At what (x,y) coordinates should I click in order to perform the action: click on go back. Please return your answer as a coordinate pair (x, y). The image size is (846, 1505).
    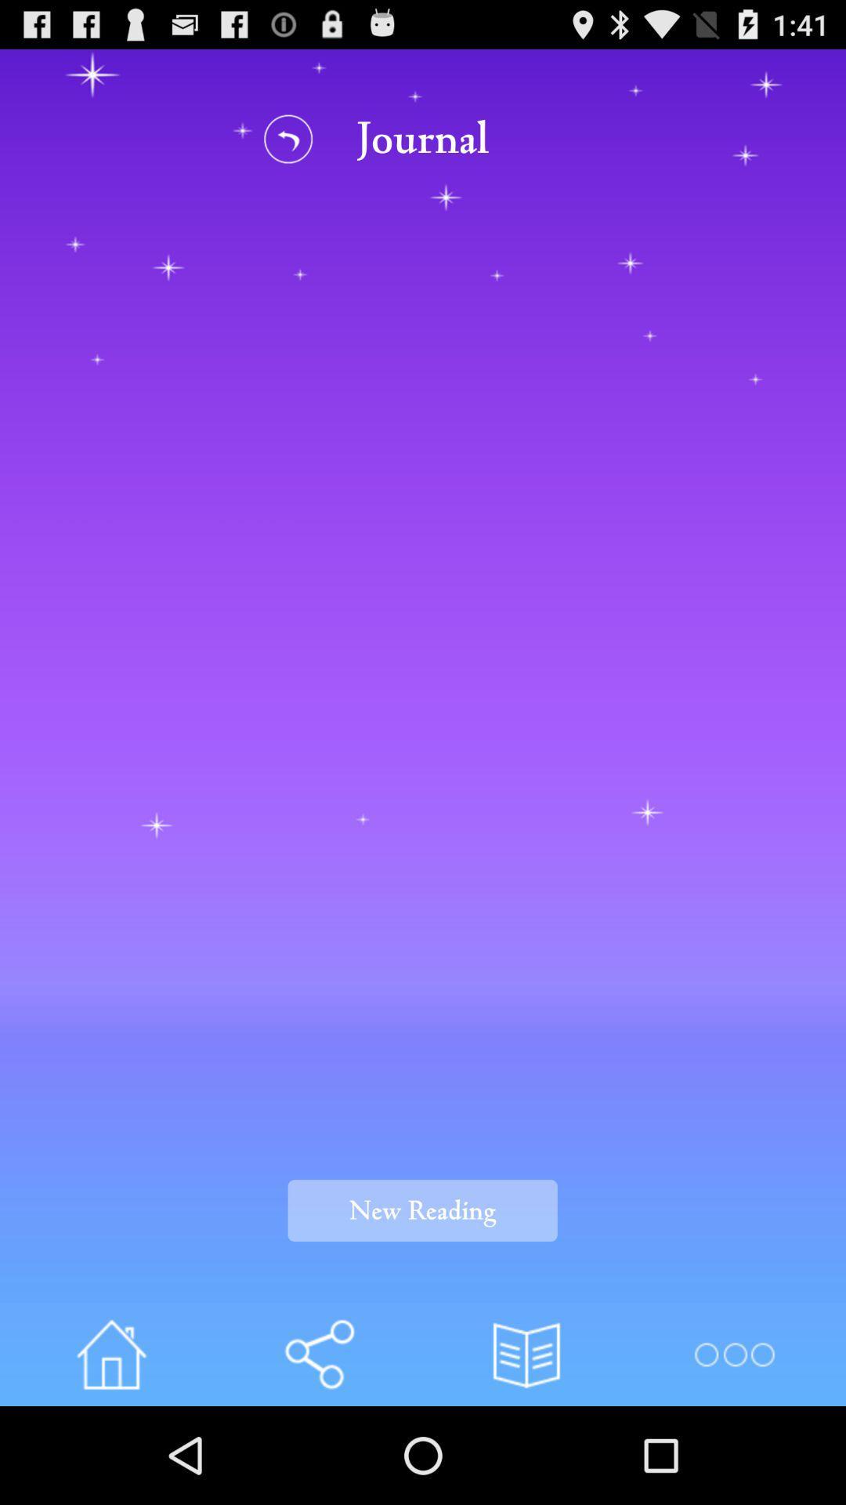
    Looking at the image, I should click on (288, 139).